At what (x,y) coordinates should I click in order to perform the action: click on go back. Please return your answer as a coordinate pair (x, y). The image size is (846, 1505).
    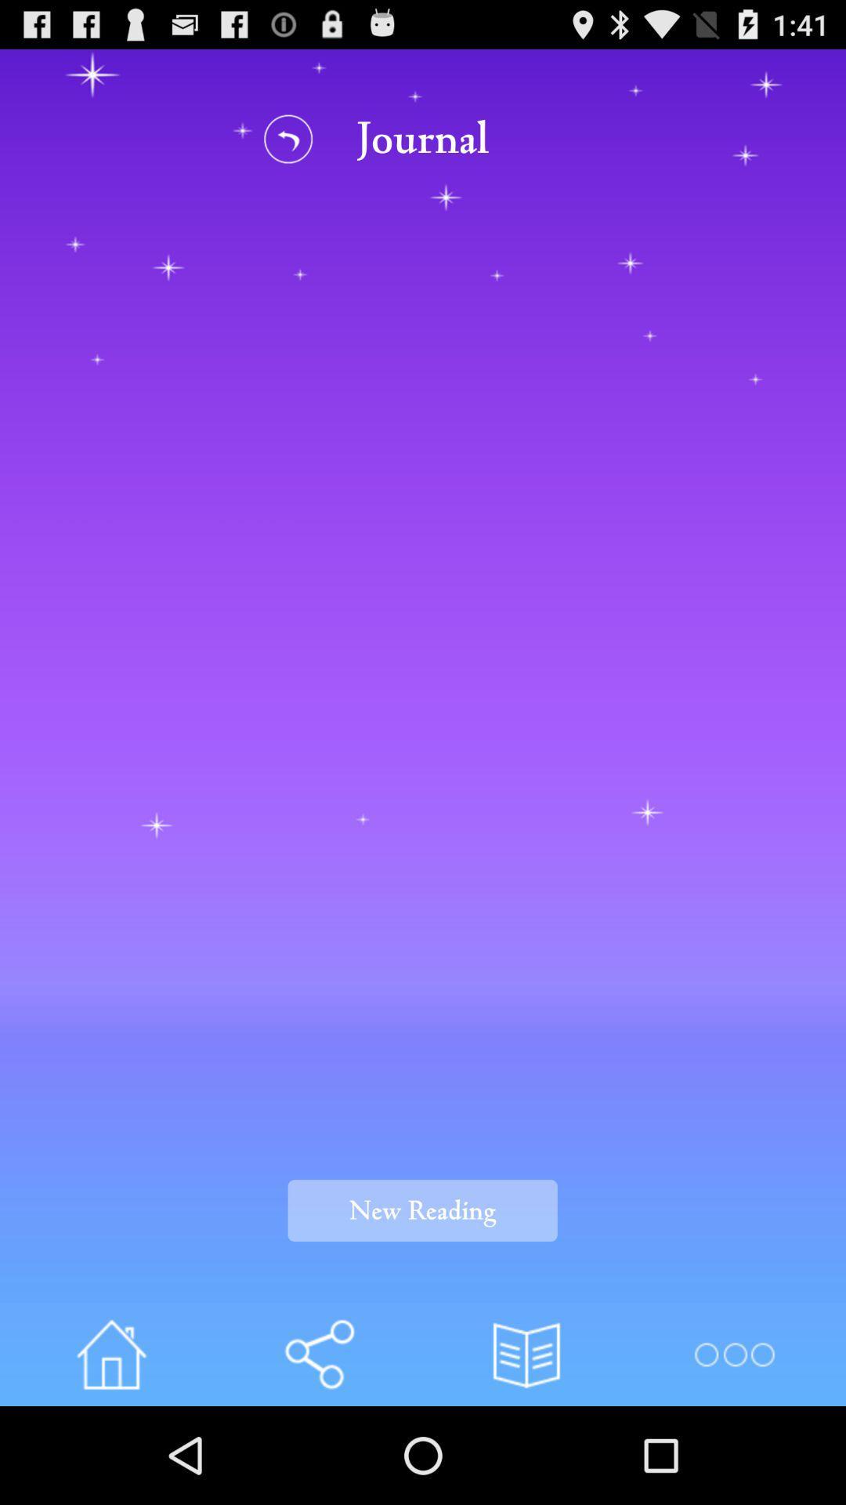
    Looking at the image, I should click on (288, 139).